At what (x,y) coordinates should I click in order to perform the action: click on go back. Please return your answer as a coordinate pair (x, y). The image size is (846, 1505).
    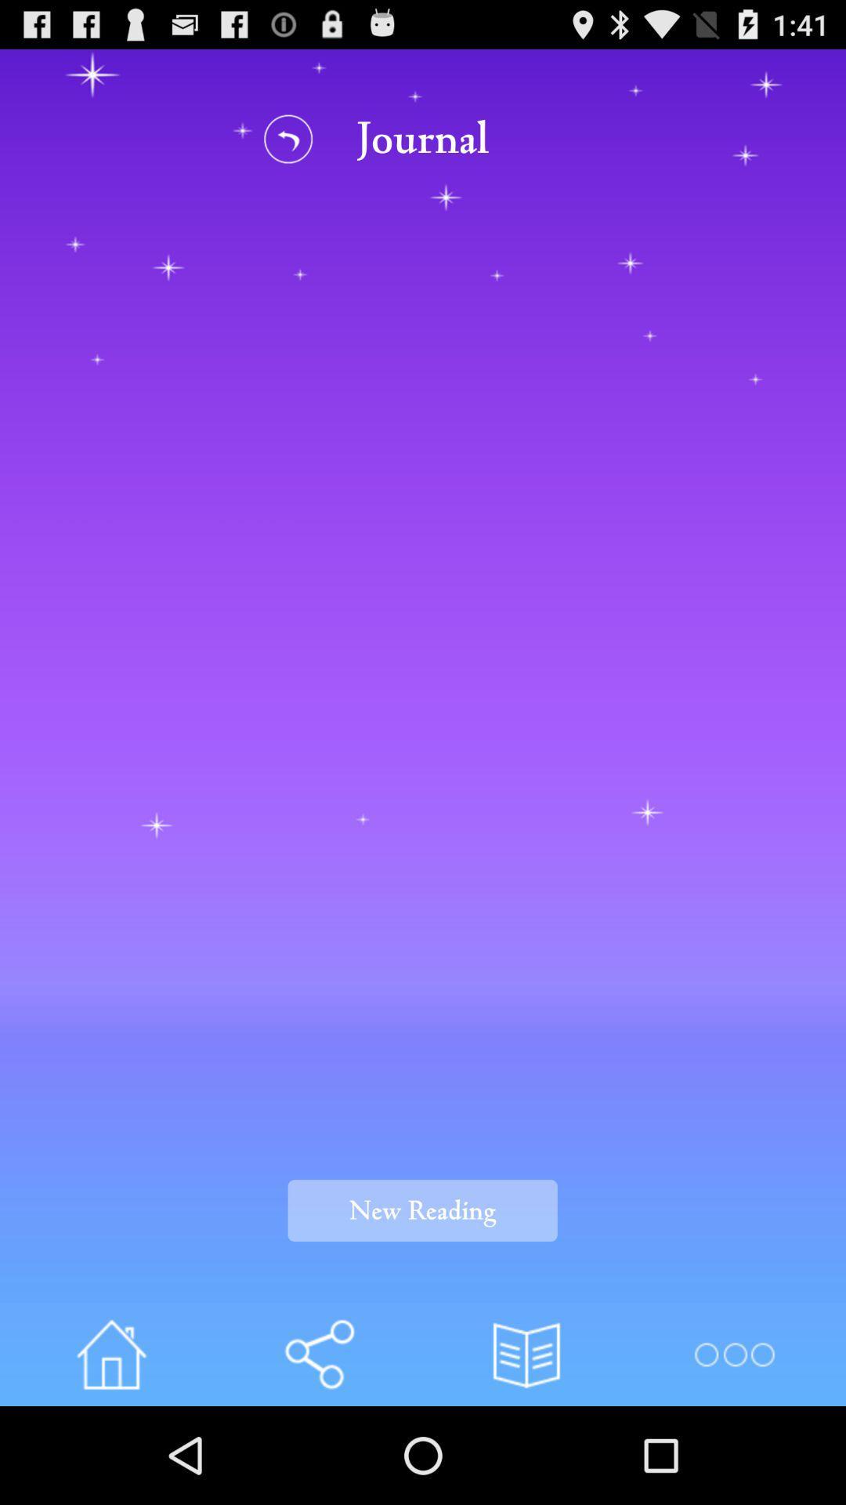
    Looking at the image, I should click on (288, 139).